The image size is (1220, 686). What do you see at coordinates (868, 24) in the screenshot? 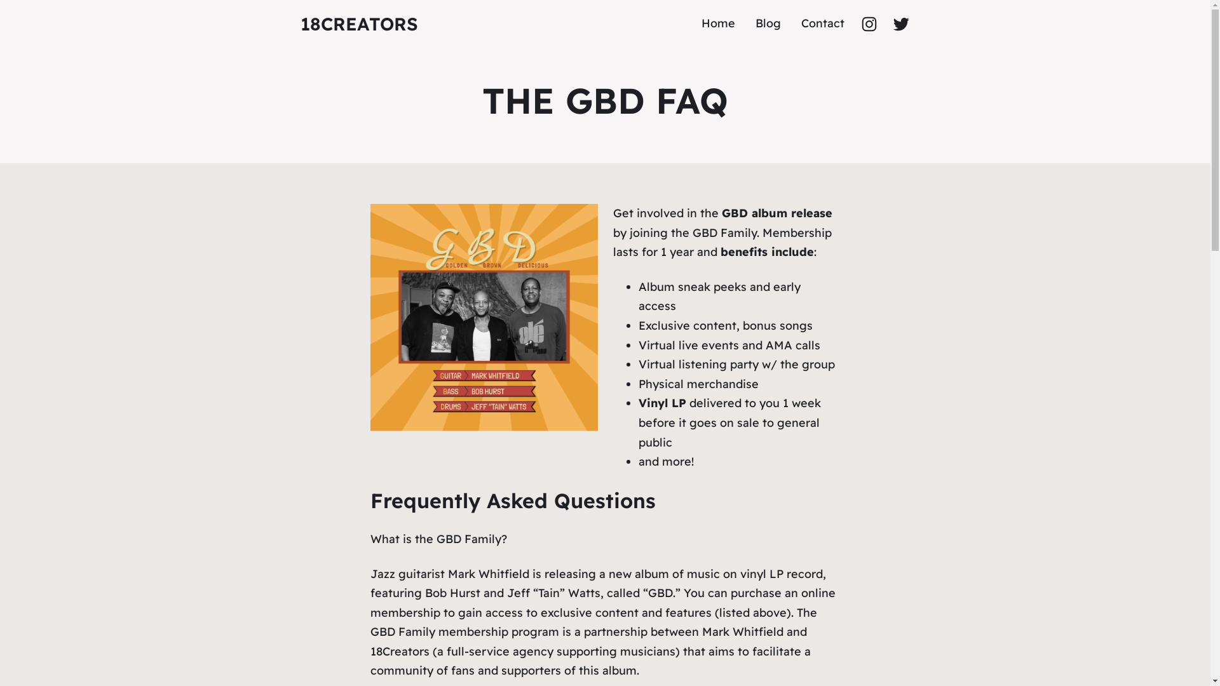
I see `'Instagram'` at bounding box center [868, 24].